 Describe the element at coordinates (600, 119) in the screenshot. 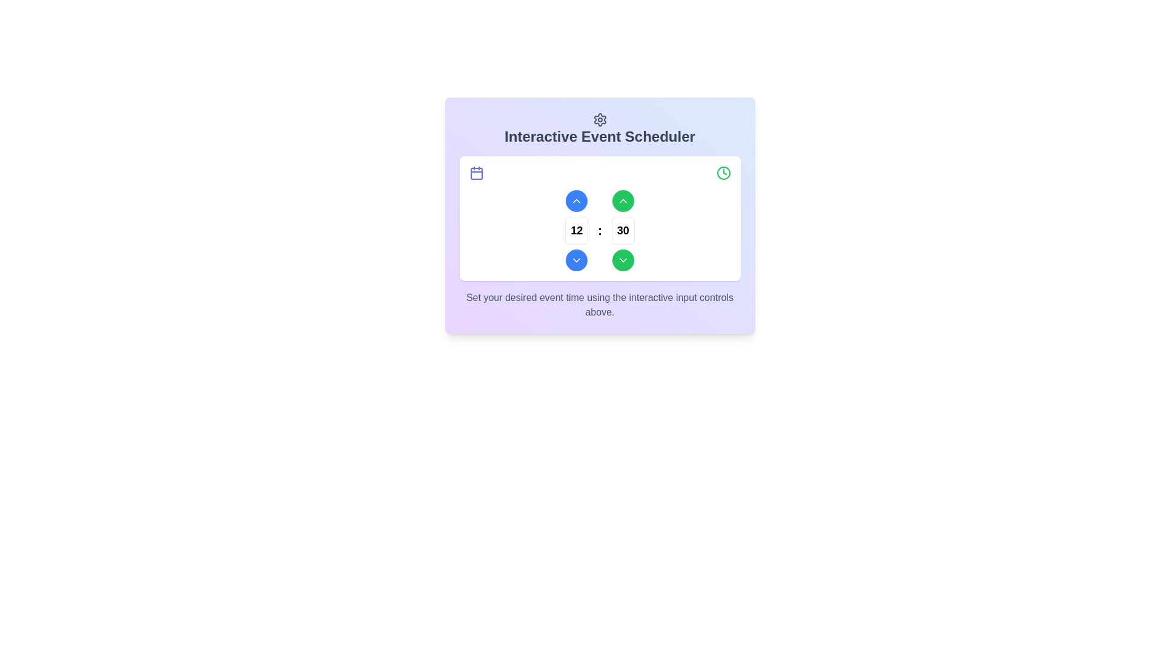

I see `the Settings icon located at the top-center of the card titled 'Interactive Event Scheduler' by clicking on it` at that location.